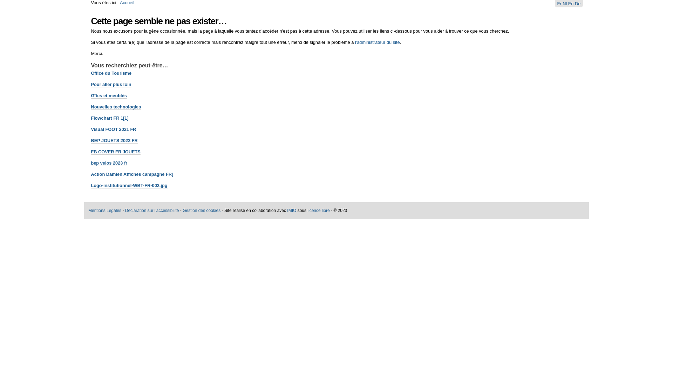  I want to click on 'BEP JOUETS 2023 FR', so click(114, 141).